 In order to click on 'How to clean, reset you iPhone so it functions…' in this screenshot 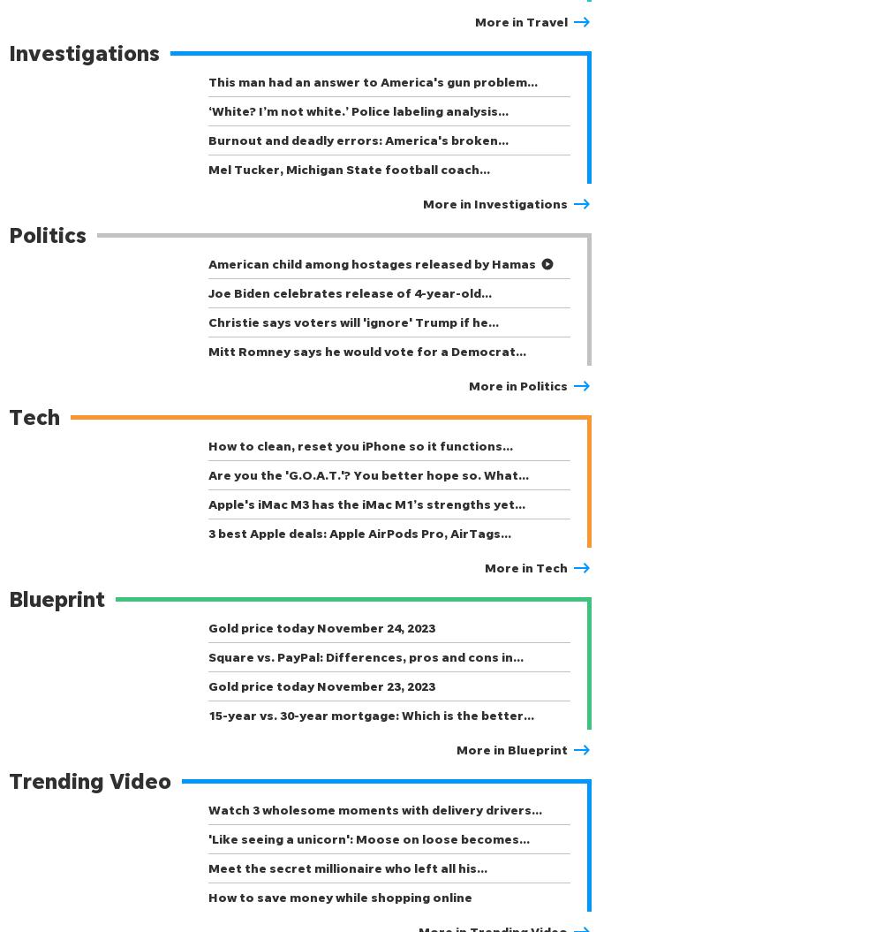, I will do `click(360, 445)`.